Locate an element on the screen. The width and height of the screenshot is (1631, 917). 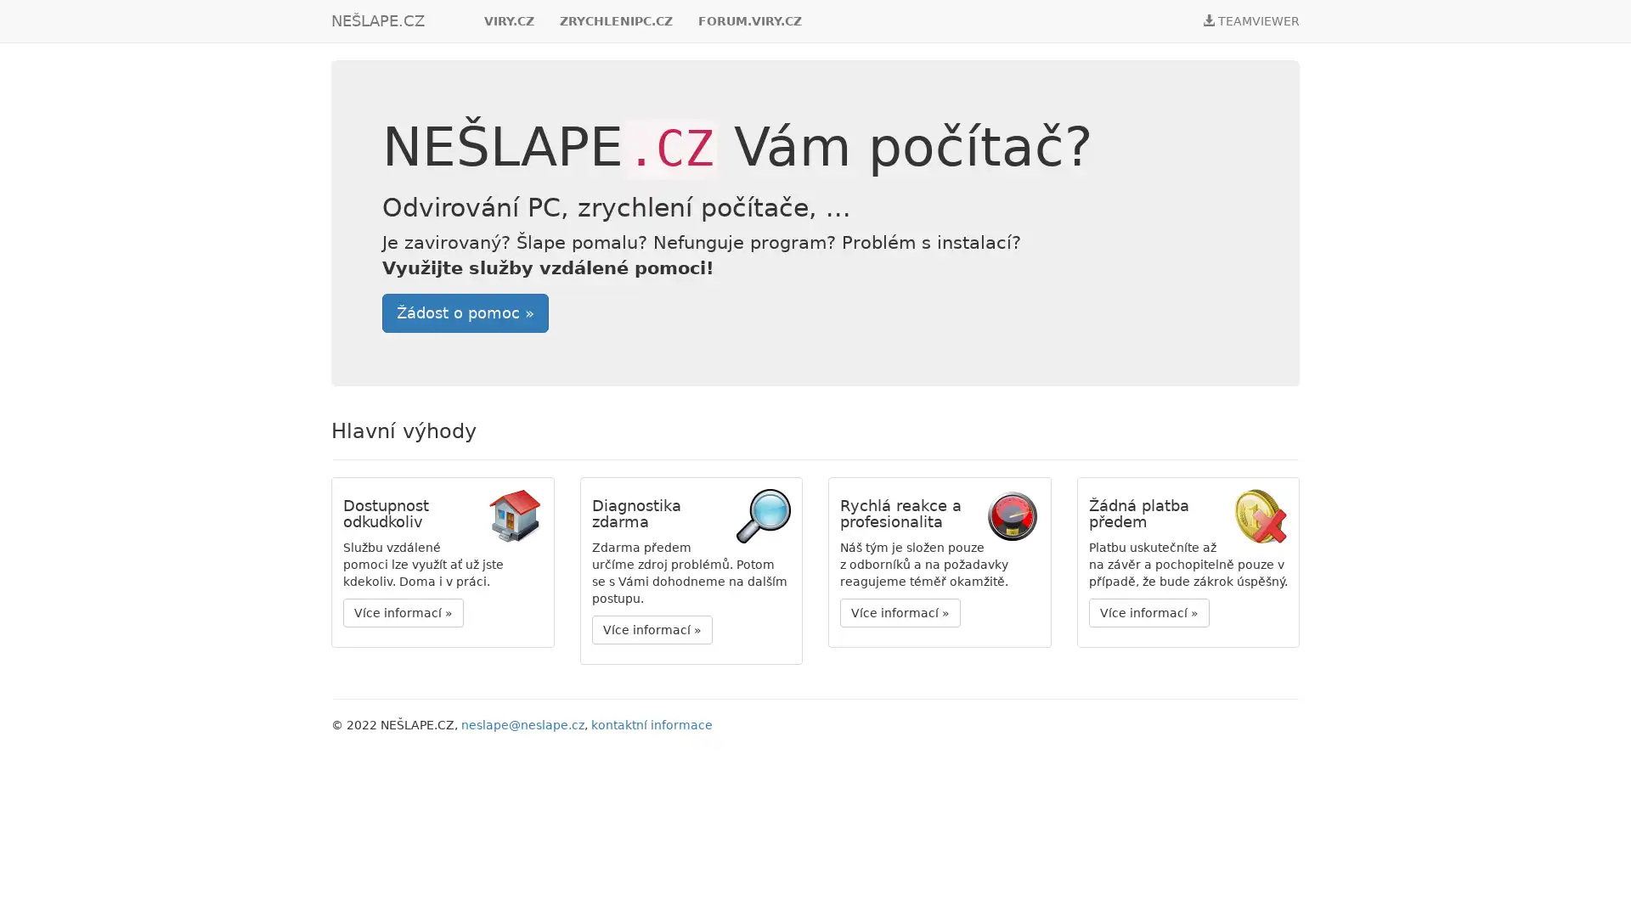
Vice informaci is located at coordinates (403, 612).